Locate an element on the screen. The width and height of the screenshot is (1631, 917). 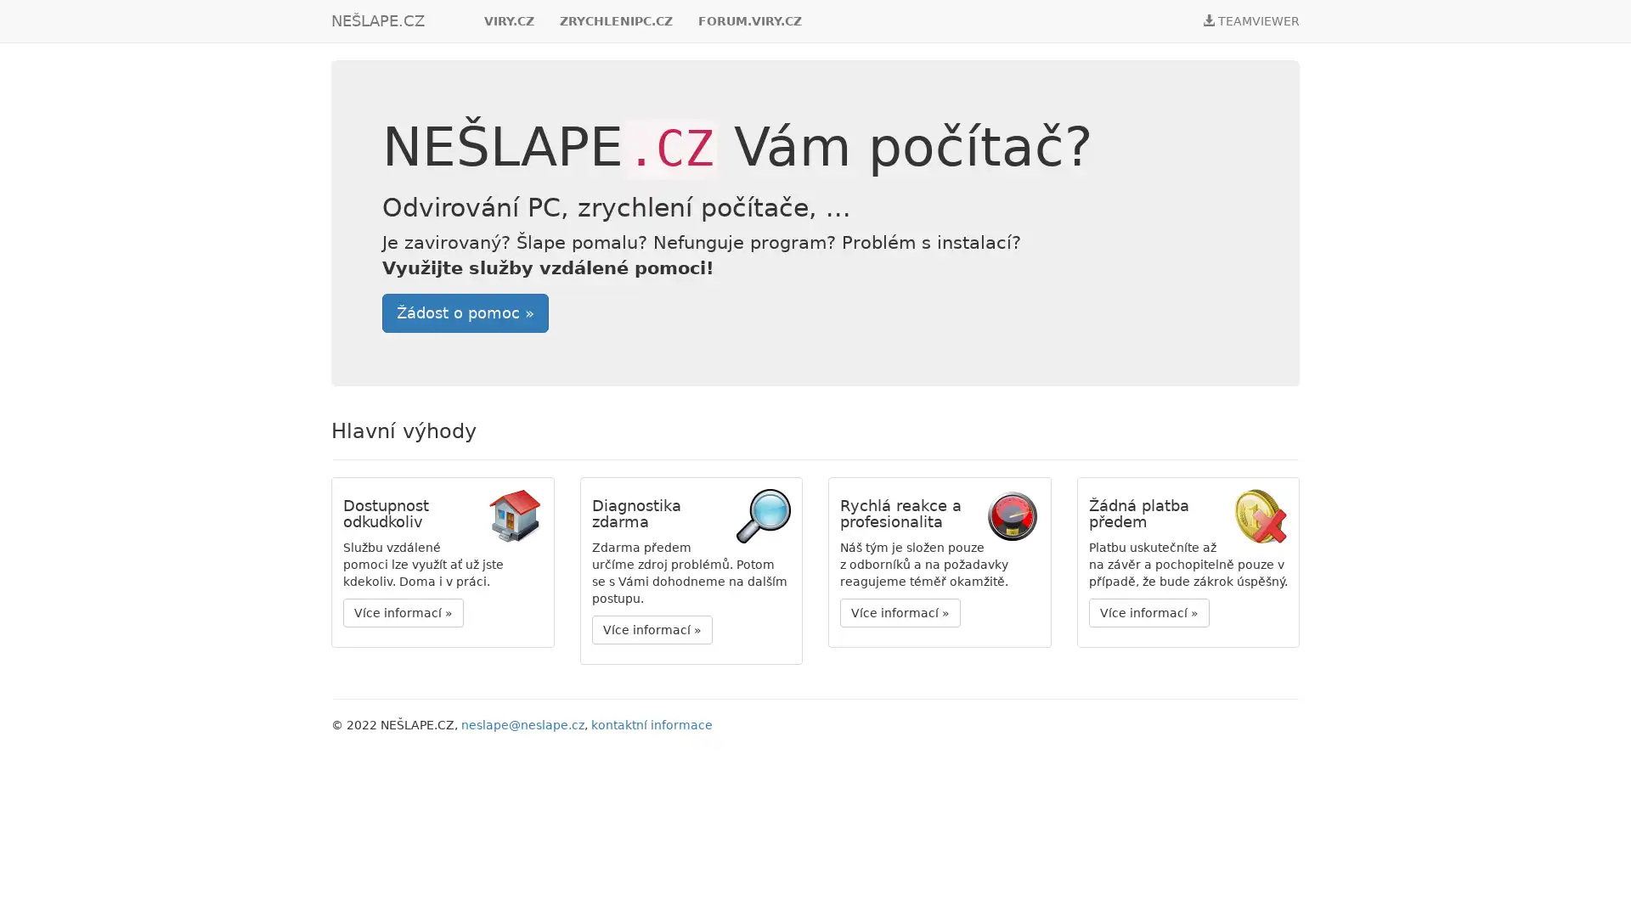
Vice informaci is located at coordinates (403, 612).